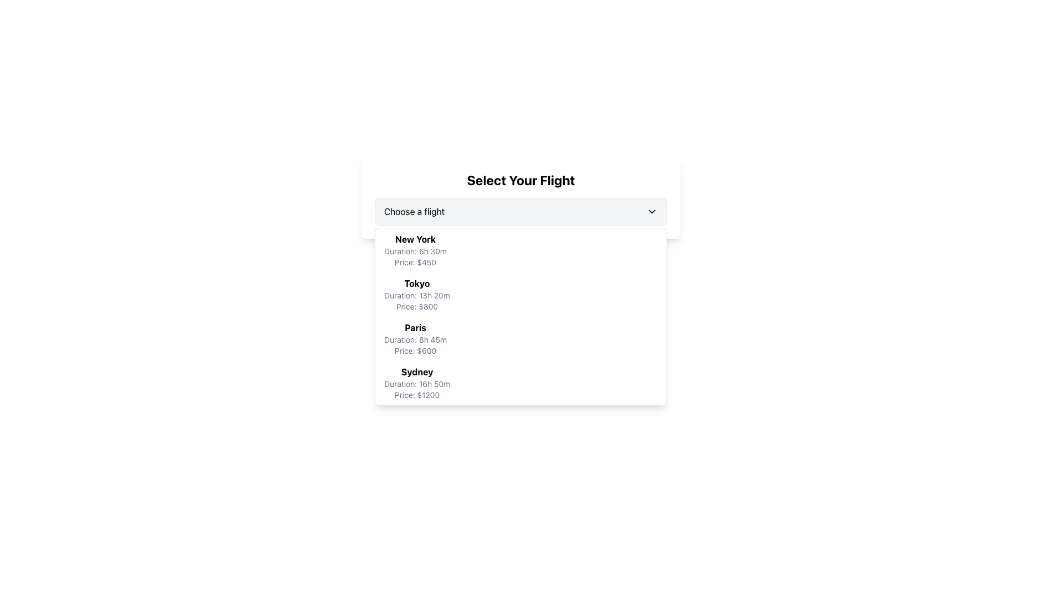 Image resolution: width=1063 pixels, height=597 pixels. Describe the element at coordinates (415, 252) in the screenshot. I see `the text label that describes the flight duration located beneath 'New York' and above 'Price: $450' in the flight selection window` at that location.